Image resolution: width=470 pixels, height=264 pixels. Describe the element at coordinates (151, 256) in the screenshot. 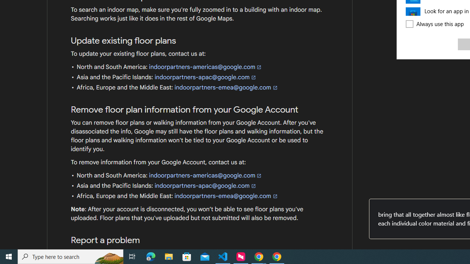

I see `'Microsoft Edge'` at that location.